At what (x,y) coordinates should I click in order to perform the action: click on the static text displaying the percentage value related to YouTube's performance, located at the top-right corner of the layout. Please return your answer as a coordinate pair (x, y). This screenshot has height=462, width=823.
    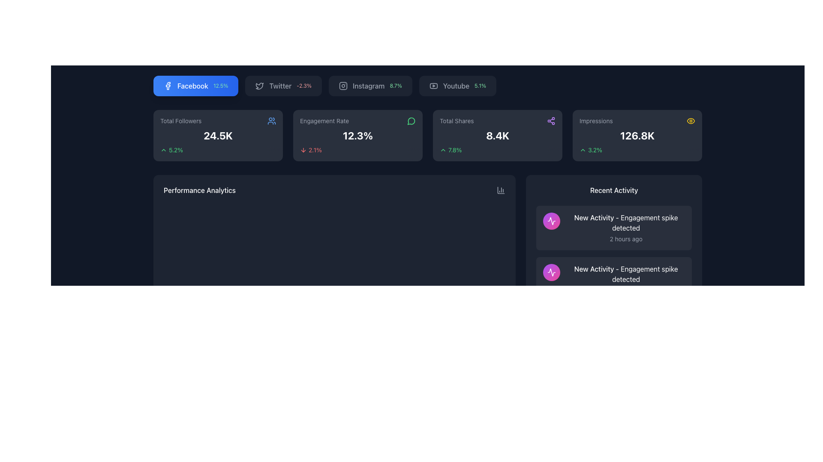
    Looking at the image, I should click on (480, 86).